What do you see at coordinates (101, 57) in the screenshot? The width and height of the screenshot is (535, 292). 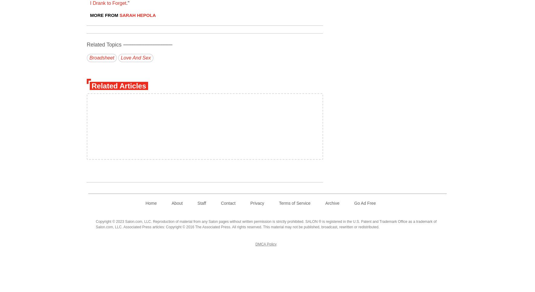 I see `'Broadsheet'` at bounding box center [101, 57].